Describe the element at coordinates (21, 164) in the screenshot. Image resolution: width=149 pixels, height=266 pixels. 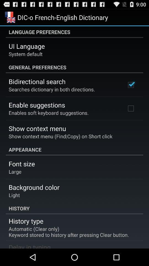
I see `the font size app` at that location.